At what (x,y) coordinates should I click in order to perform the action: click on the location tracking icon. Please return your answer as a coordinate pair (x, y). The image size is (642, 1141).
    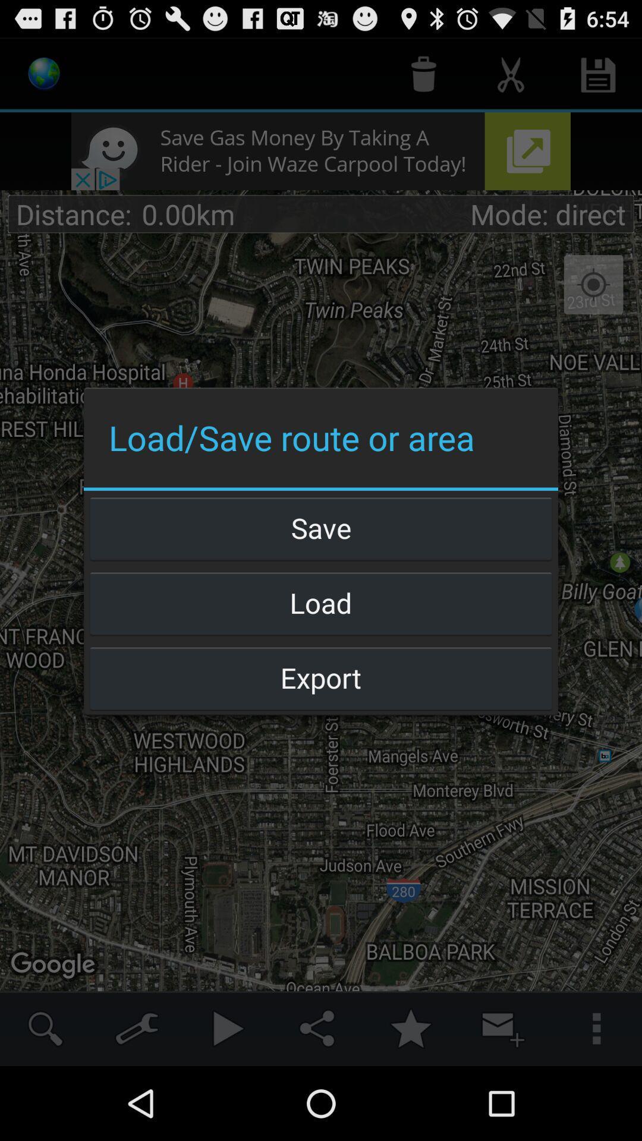
    Looking at the image, I should click on (594, 285).